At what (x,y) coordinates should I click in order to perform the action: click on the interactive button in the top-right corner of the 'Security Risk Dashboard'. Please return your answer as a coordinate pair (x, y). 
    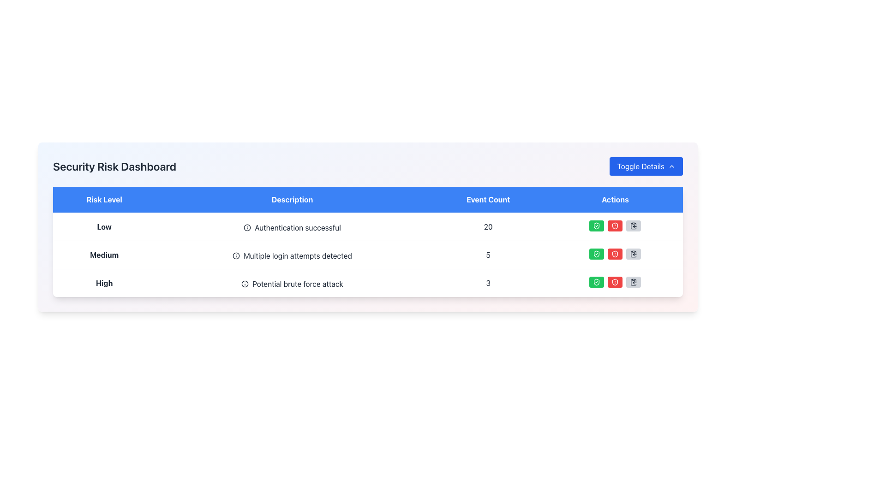
    Looking at the image, I should click on (646, 166).